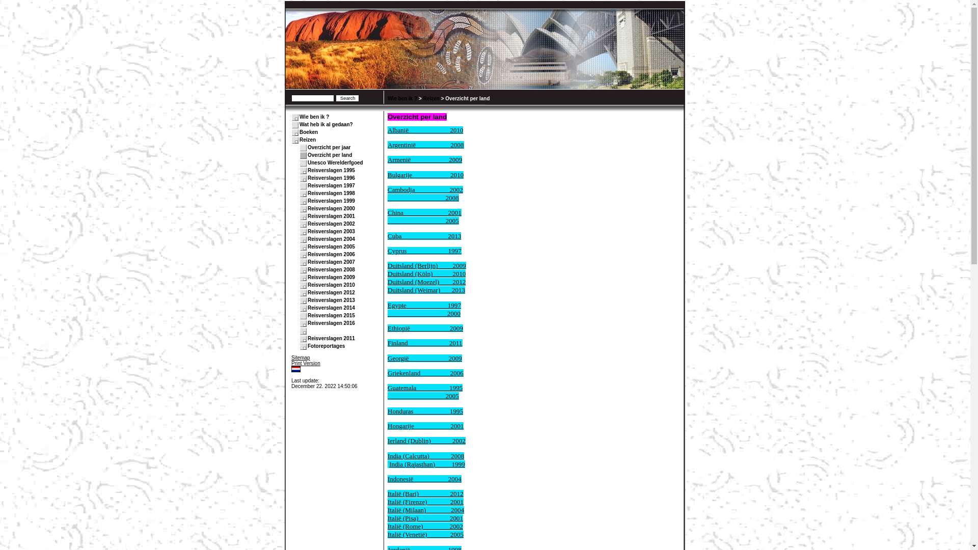  What do you see at coordinates (331, 277) in the screenshot?
I see `'Reisverslagen 2009'` at bounding box center [331, 277].